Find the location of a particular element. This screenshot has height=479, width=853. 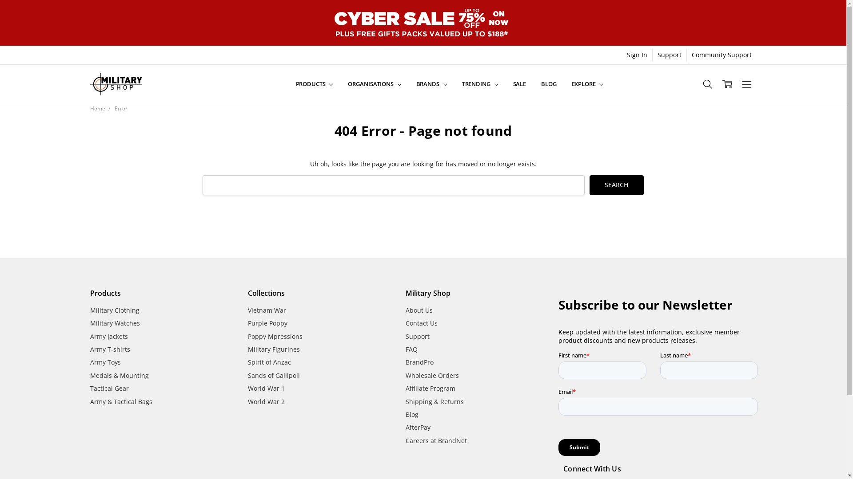

'ORGANISATIONS' is located at coordinates (340, 84).